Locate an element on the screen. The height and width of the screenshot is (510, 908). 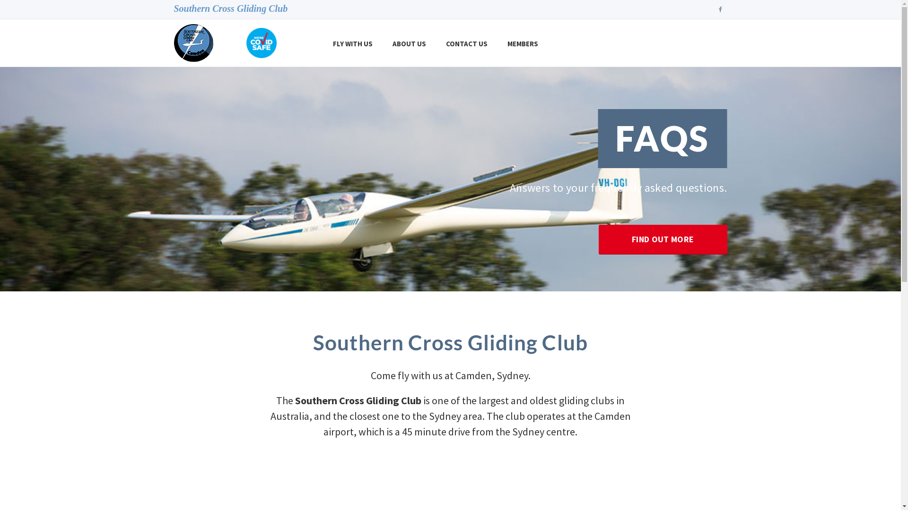
'ABOUT US' is located at coordinates (409, 43).